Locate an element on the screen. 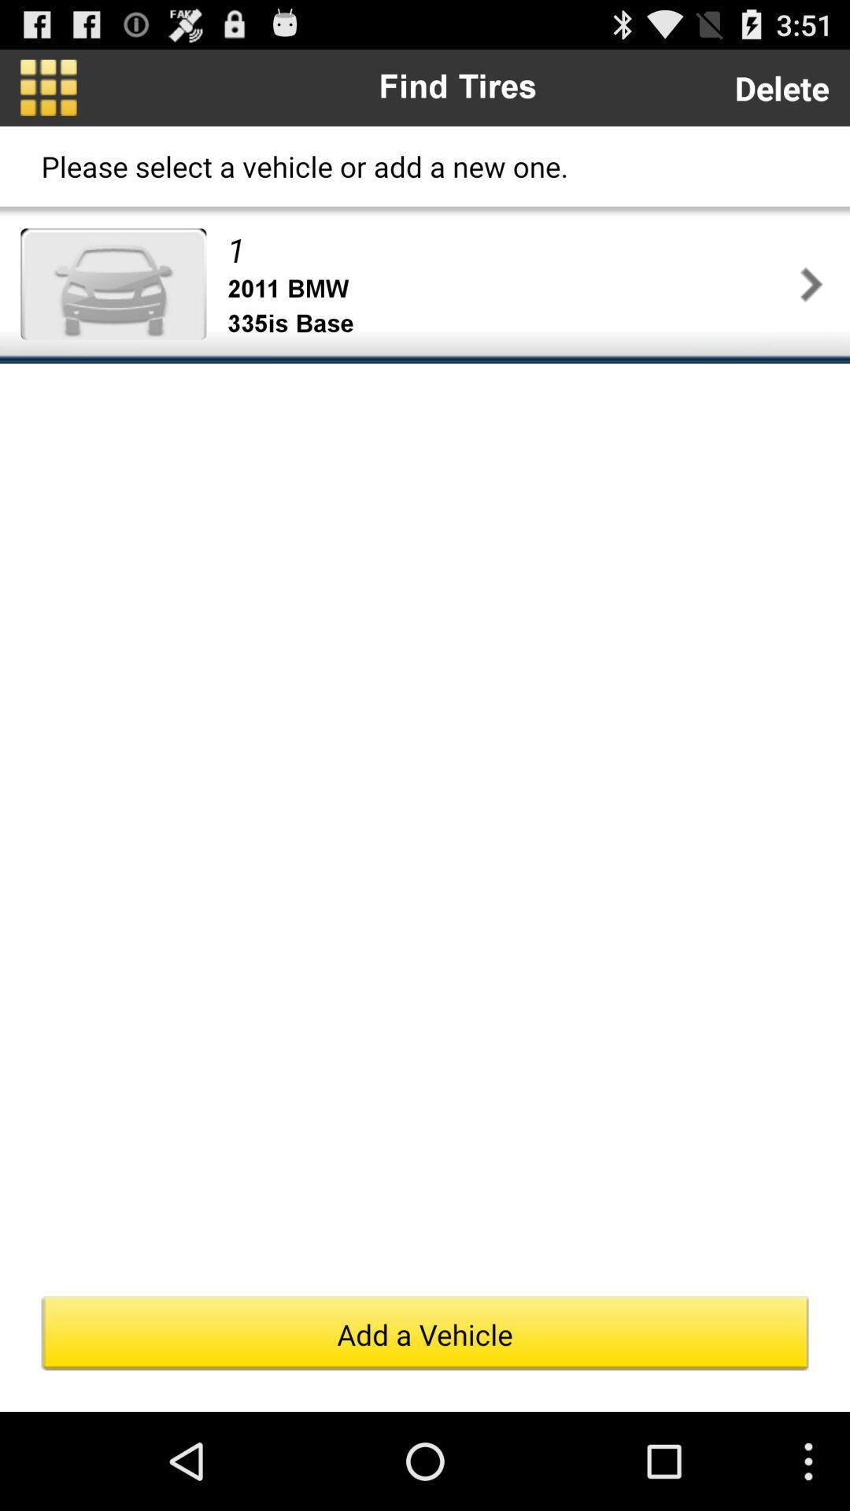 The image size is (850, 1511). the icon above the please select a icon is located at coordinates (47, 87).